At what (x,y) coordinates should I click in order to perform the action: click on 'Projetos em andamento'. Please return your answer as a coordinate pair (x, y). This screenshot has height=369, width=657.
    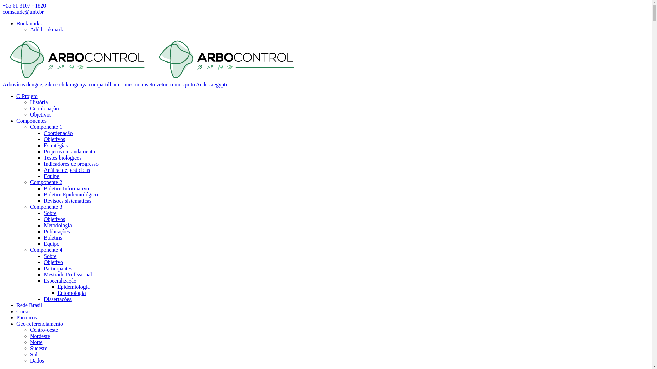
    Looking at the image, I should click on (69, 151).